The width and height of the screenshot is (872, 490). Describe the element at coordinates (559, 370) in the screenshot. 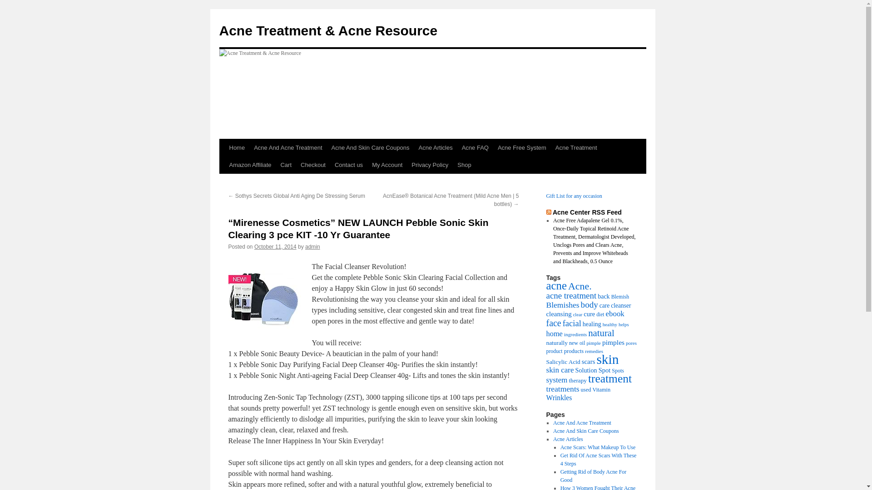

I see `'skin care'` at that location.